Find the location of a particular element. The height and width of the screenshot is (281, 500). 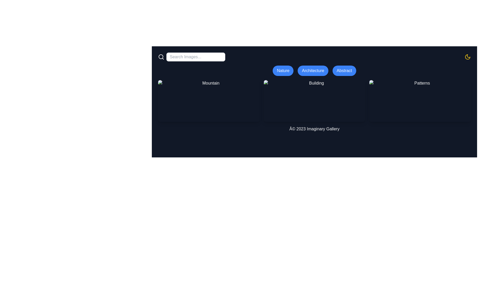

the leftmost button representing 'Nature' to trigger hover-specific effects is located at coordinates (283, 71).